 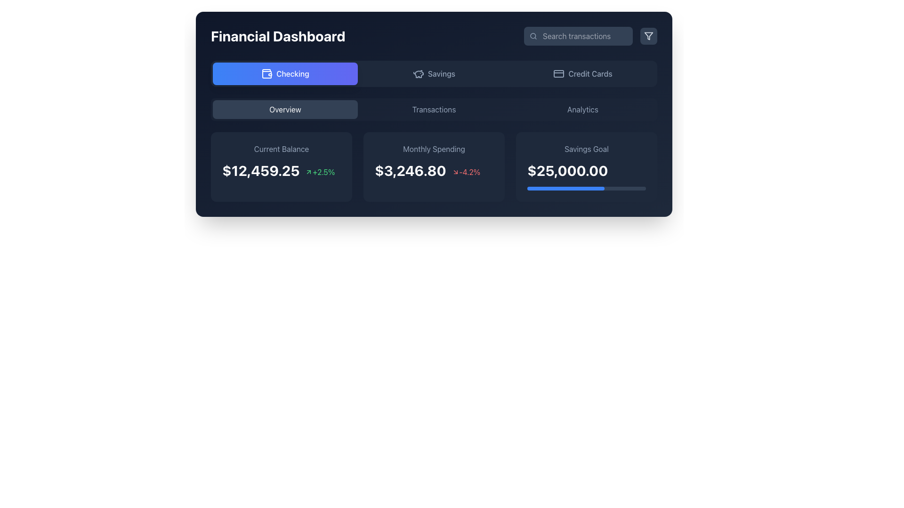 I want to click on the composite component consisting of three subcomponents: informational panels that summarize financial data, located beneath the navigation tabs in the central lower portion of the UI, so click(x=433, y=150).